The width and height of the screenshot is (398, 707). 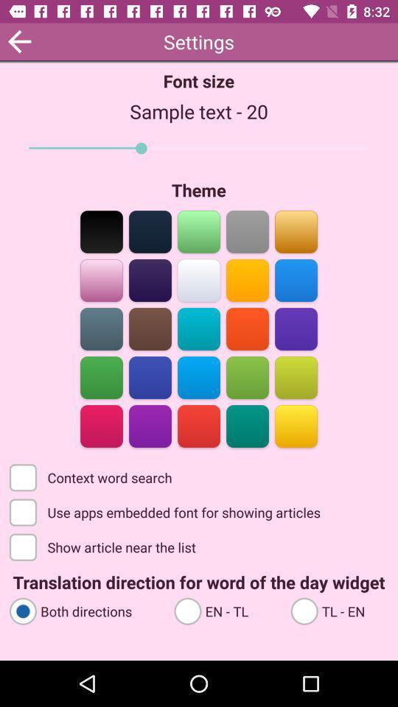 I want to click on color scheme selection, so click(x=247, y=231).